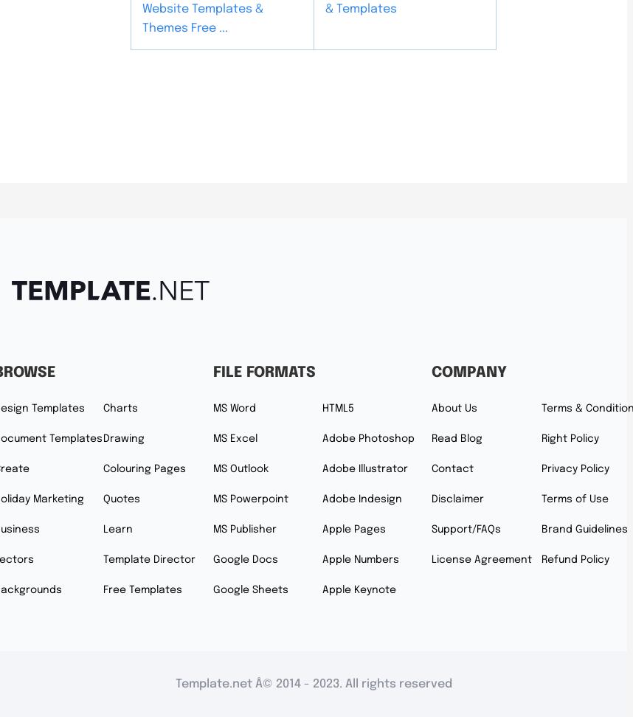  What do you see at coordinates (122, 437) in the screenshot?
I see `'Drawing'` at bounding box center [122, 437].